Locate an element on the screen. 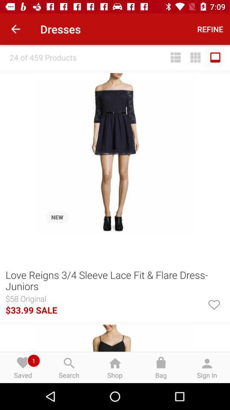 The height and width of the screenshot is (410, 230). it is located at coordinates (213, 304).